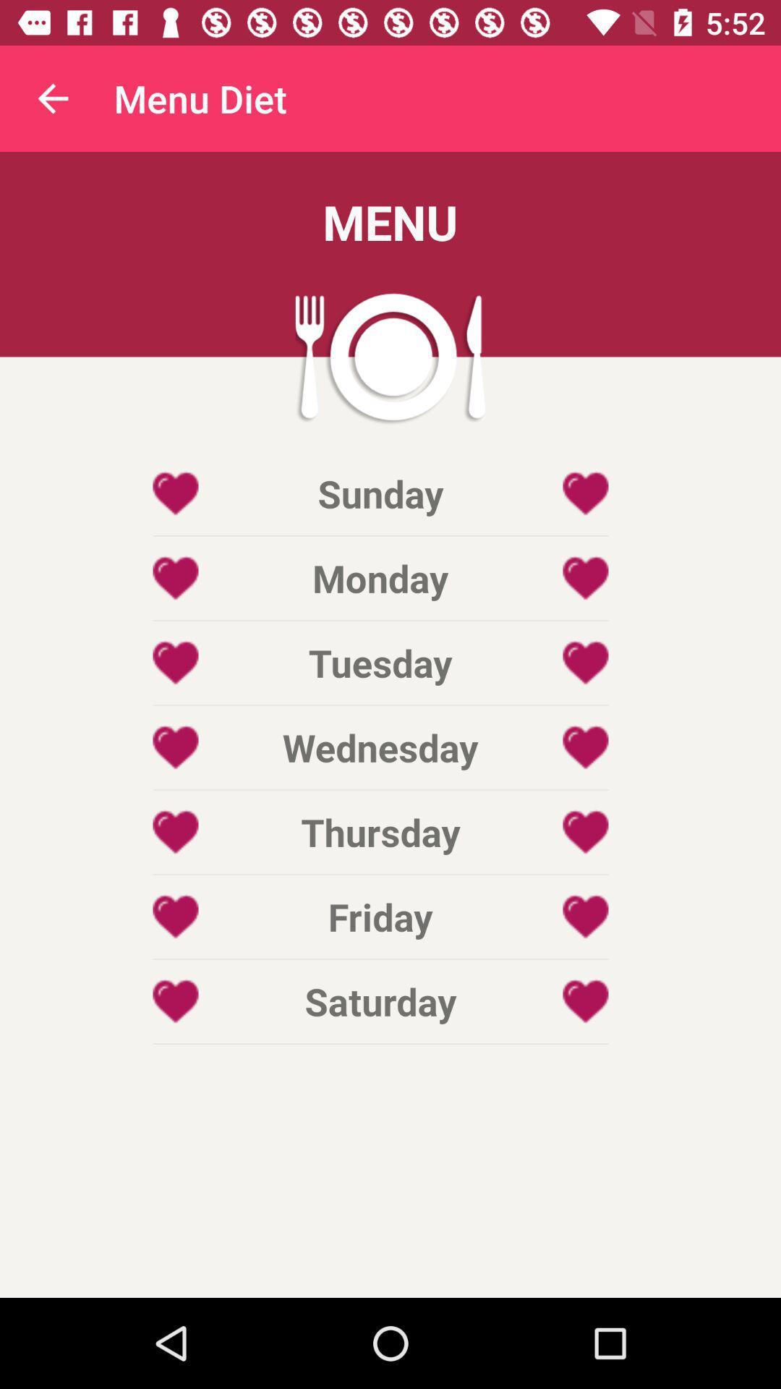 The image size is (781, 1389). I want to click on tuesday item, so click(380, 662).